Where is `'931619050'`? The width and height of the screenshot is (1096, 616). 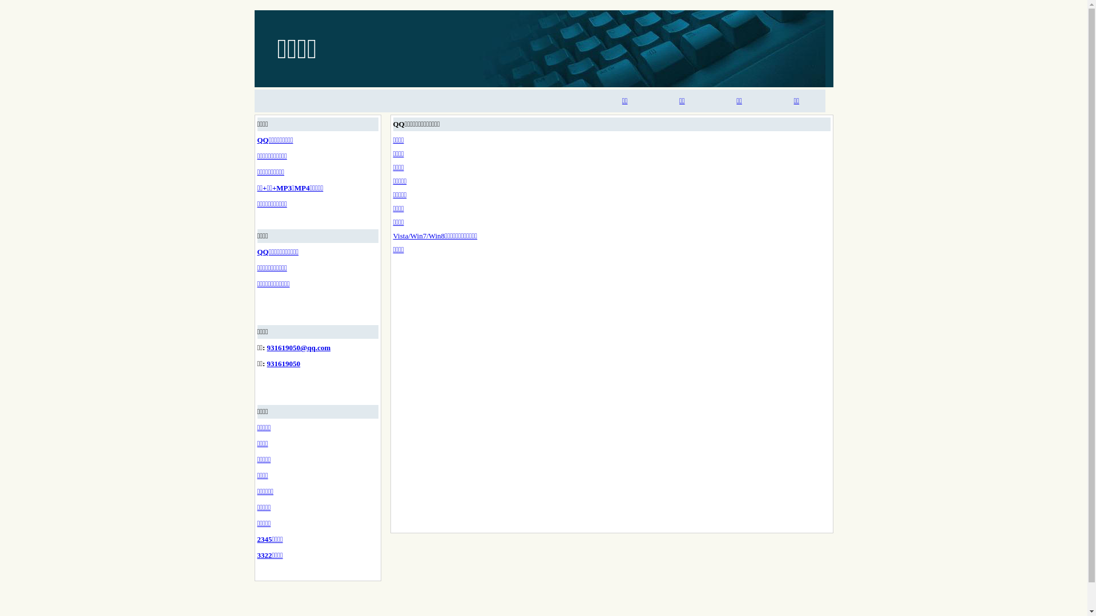
'931619050' is located at coordinates (284, 363).